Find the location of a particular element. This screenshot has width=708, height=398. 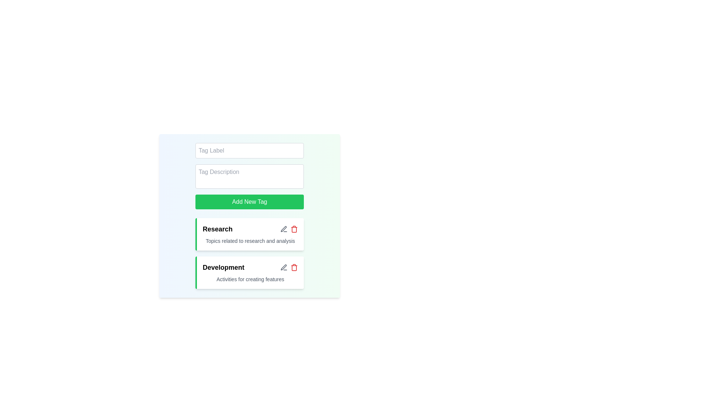

the green 'Add New Tag' button located below the 'Tag Label' and 'Tag Description' input fields is located at coordinates (249, 202).